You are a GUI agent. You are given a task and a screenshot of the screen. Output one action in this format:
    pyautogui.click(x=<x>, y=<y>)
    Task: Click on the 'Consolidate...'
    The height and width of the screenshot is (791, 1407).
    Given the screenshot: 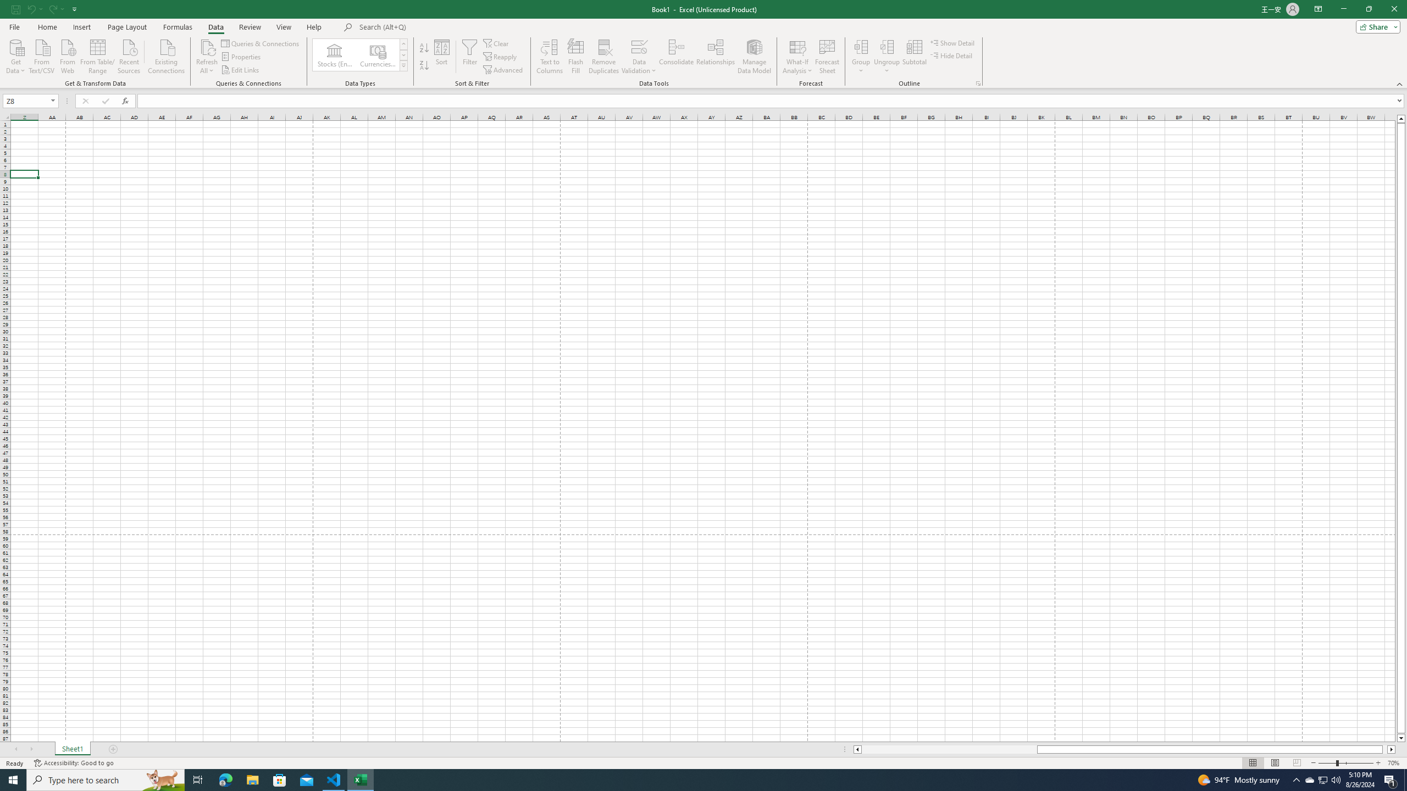 What is the action you would take?
    pyautogui.click(x=677, y=57)
    